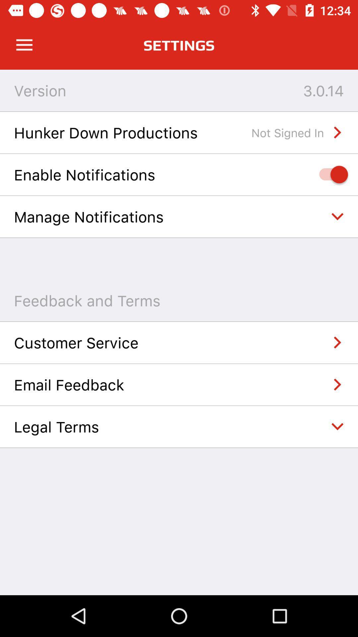 The width and height of the screenshot is (358, 637). What do you see at coordinates (24, 45) in the screenshot?
I see `menu` at bounding box center [24, 45].